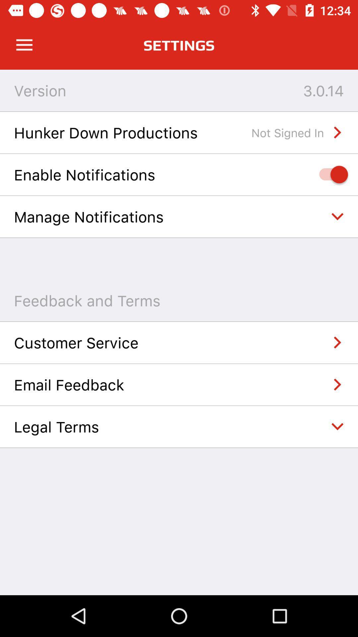 The width and height of the screenshot is (358, 637). What do you see at coordinates (24, 45) in the screenshot?
I see `menu` at bounding box center [24, 45].